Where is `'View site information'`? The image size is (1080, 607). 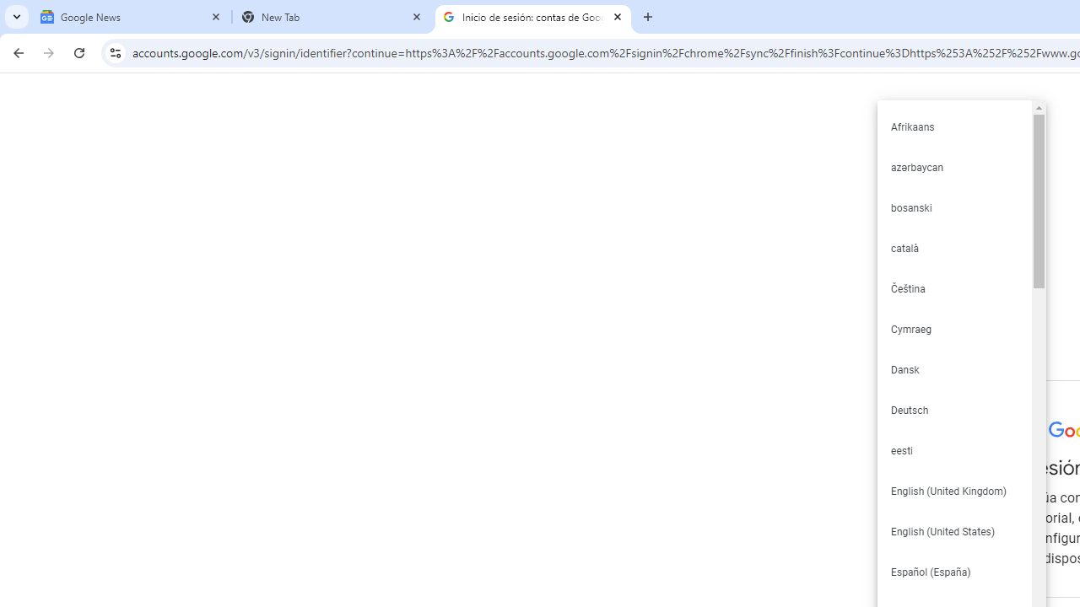
'View site information' is located at coordinates (114, 51).